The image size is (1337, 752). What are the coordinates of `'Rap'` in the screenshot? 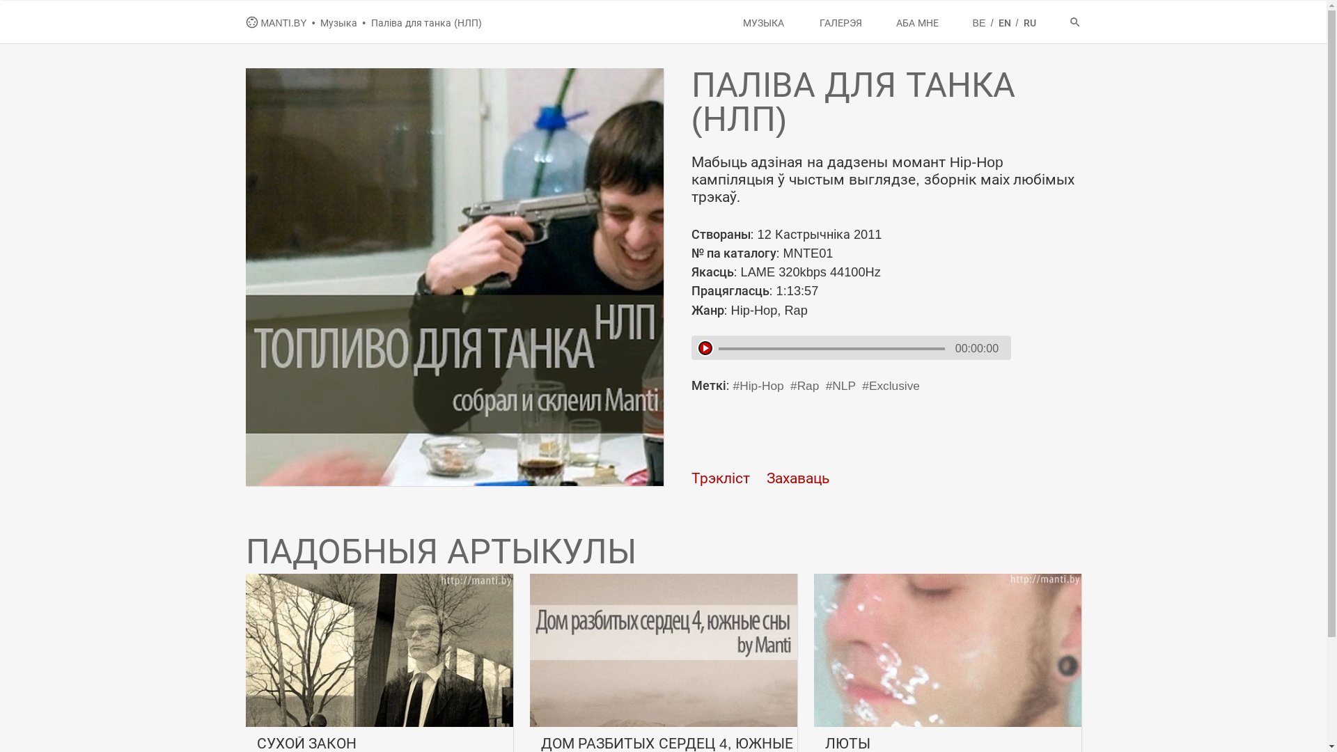 It's located at (804, 386).